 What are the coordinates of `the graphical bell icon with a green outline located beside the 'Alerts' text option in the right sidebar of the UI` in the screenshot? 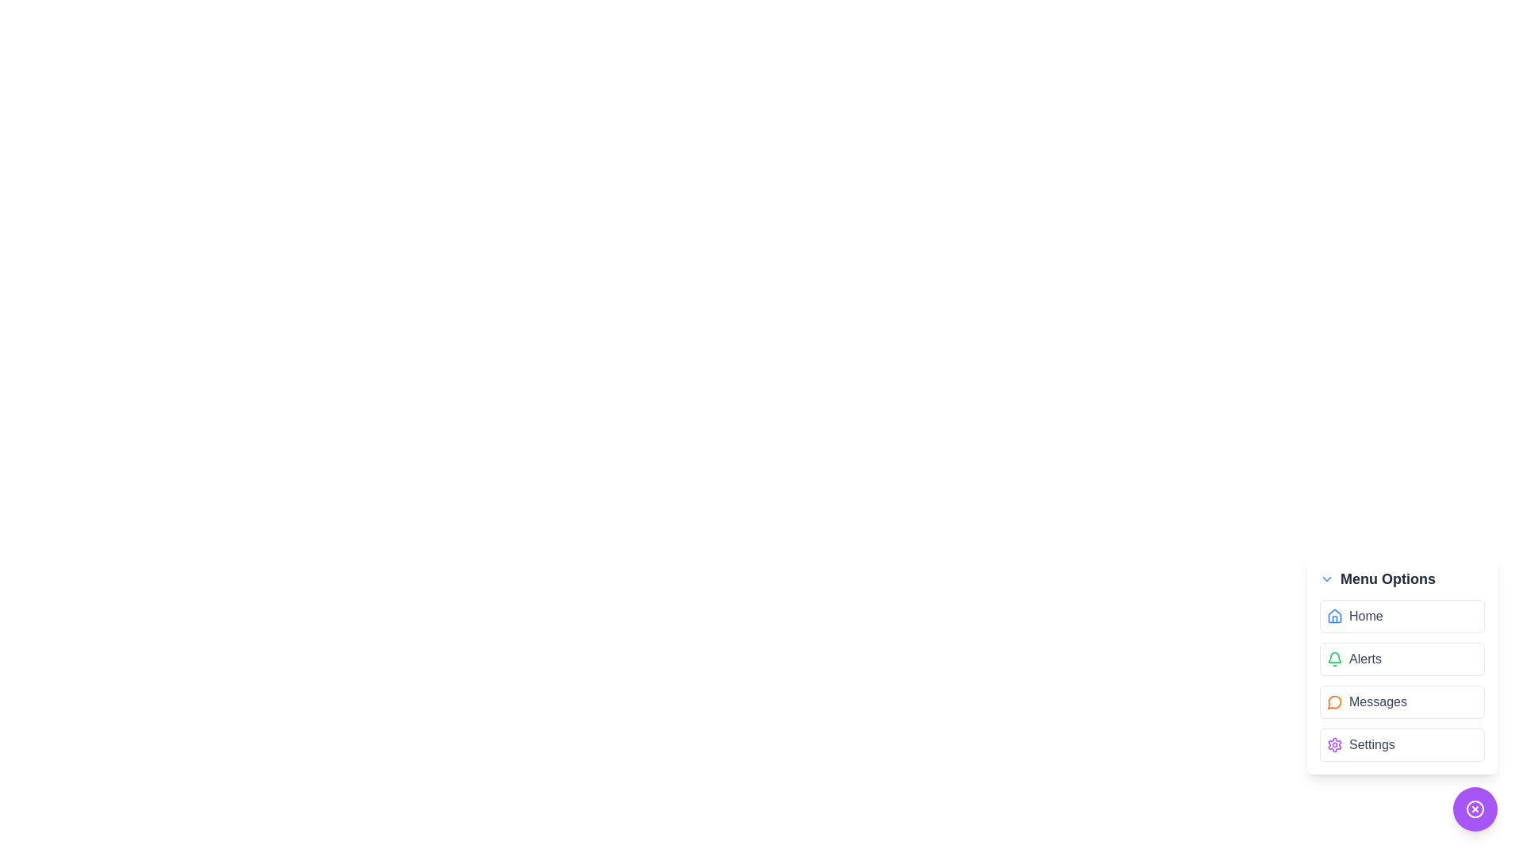 It's located at (1334, 657).